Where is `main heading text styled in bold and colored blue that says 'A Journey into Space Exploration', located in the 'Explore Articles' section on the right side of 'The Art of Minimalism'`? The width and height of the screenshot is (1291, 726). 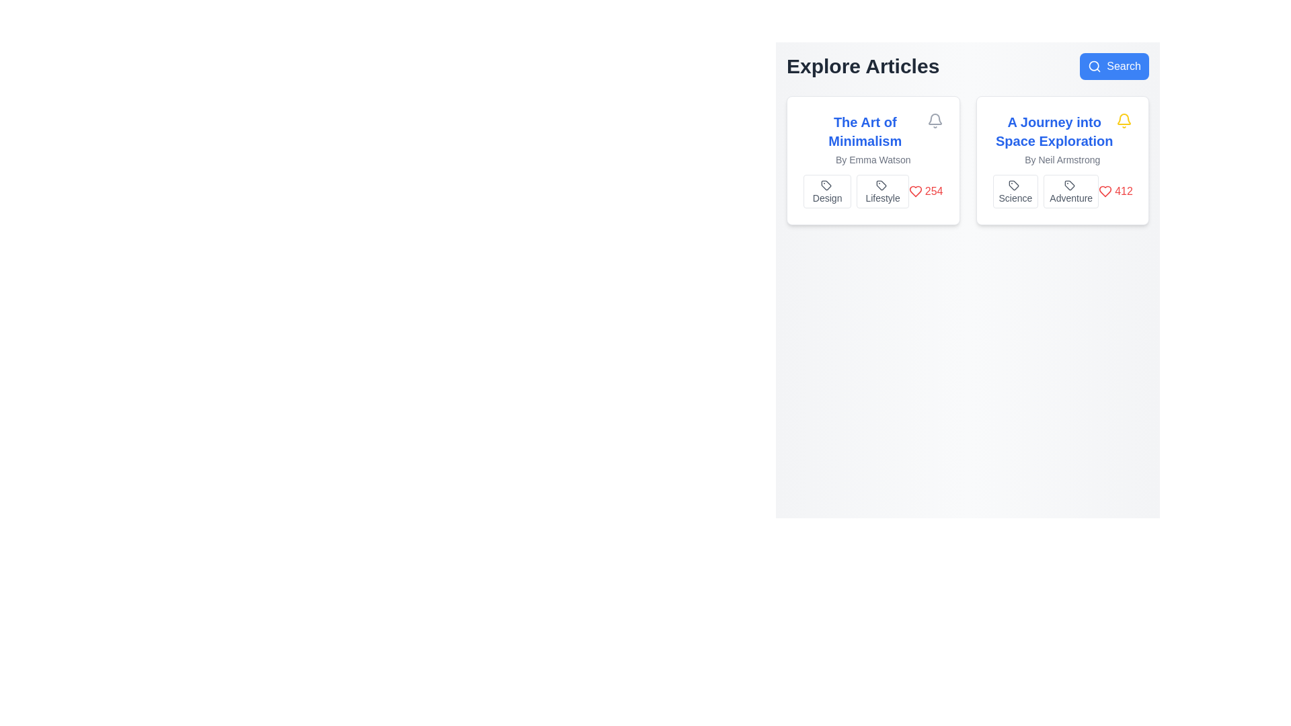 main heading text styled in bold and colored blue that says 'A Journey into Space Exploration', located in the 'Explore Articles' section on the right side of 'The Art of Minimalism' is located at coordinates (1054, 132).